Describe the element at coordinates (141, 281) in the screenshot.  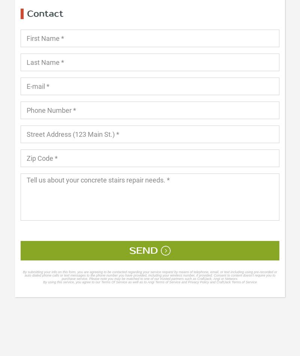
I see `'as well as to Angi'` at that location.